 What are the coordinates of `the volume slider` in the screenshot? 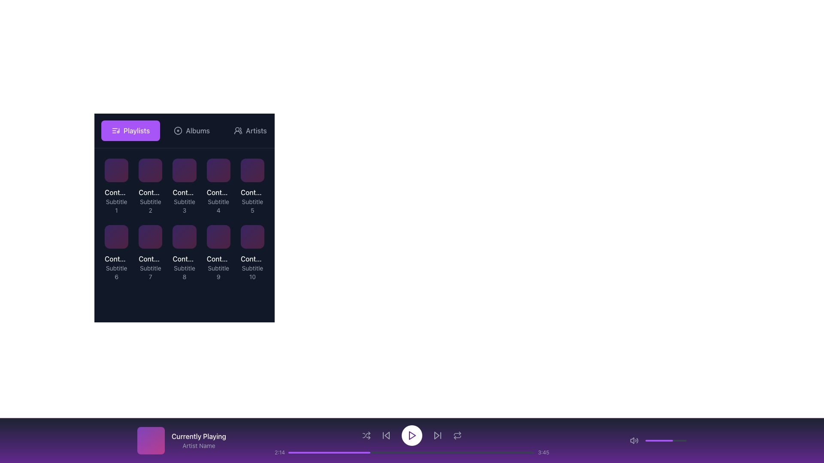 It's located at (652, 441).